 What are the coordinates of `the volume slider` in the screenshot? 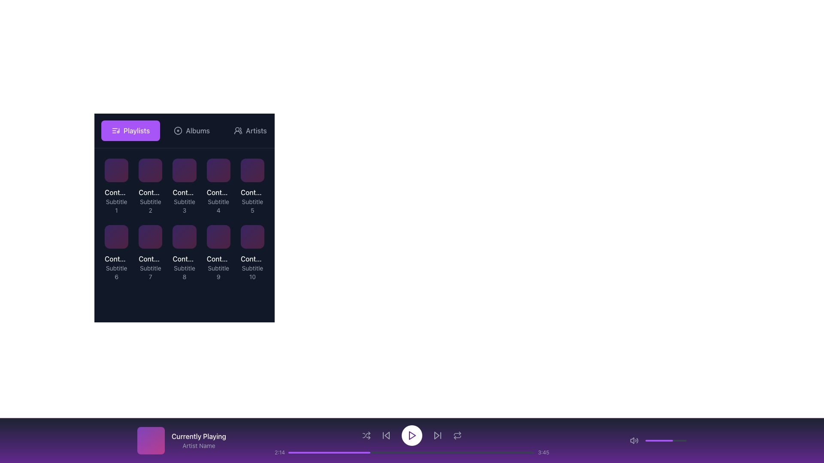 It's located at (652, 441).